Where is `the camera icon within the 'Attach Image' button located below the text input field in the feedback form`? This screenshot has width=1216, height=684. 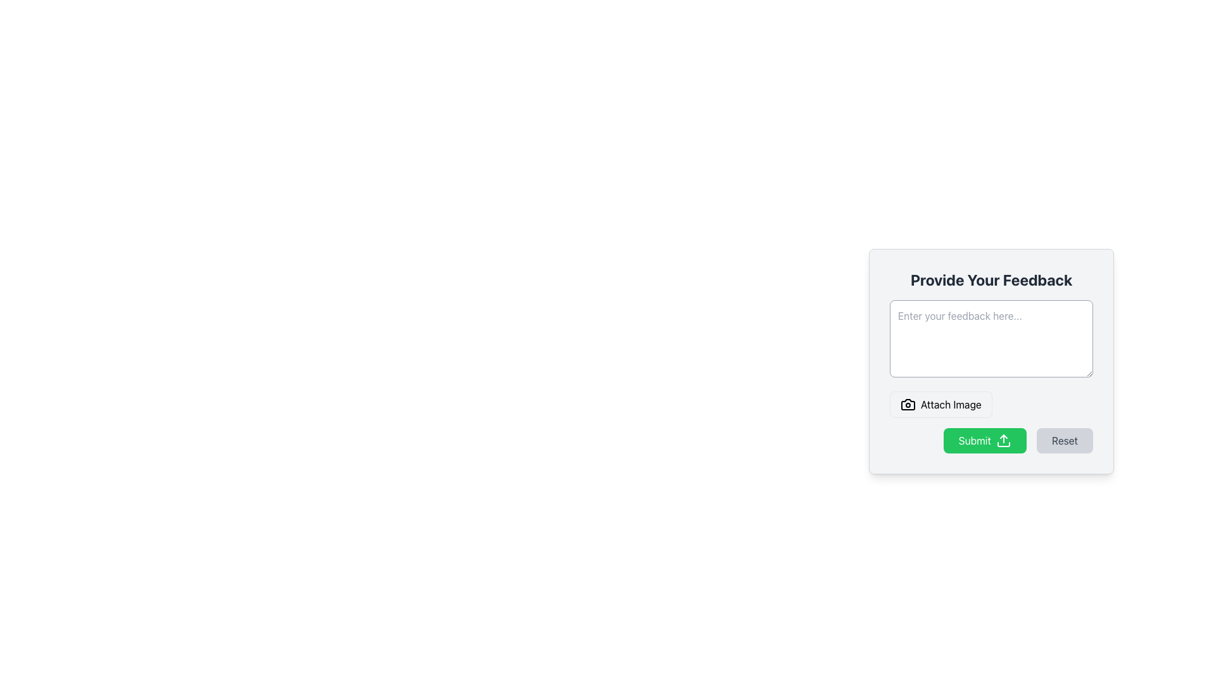
the camera icon within the 'Attach Image' button located below the text input field in the feedback form is located at coordinates (908, 405).